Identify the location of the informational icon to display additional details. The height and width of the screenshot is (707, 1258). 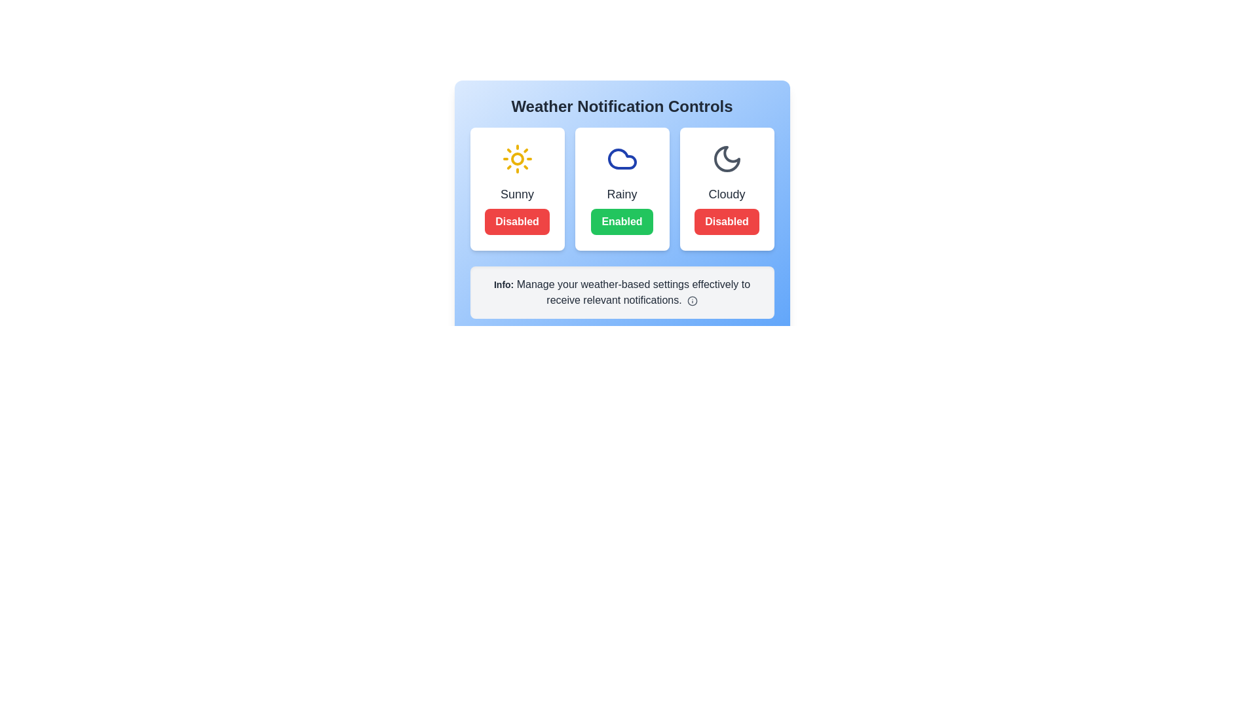
(691, 300).